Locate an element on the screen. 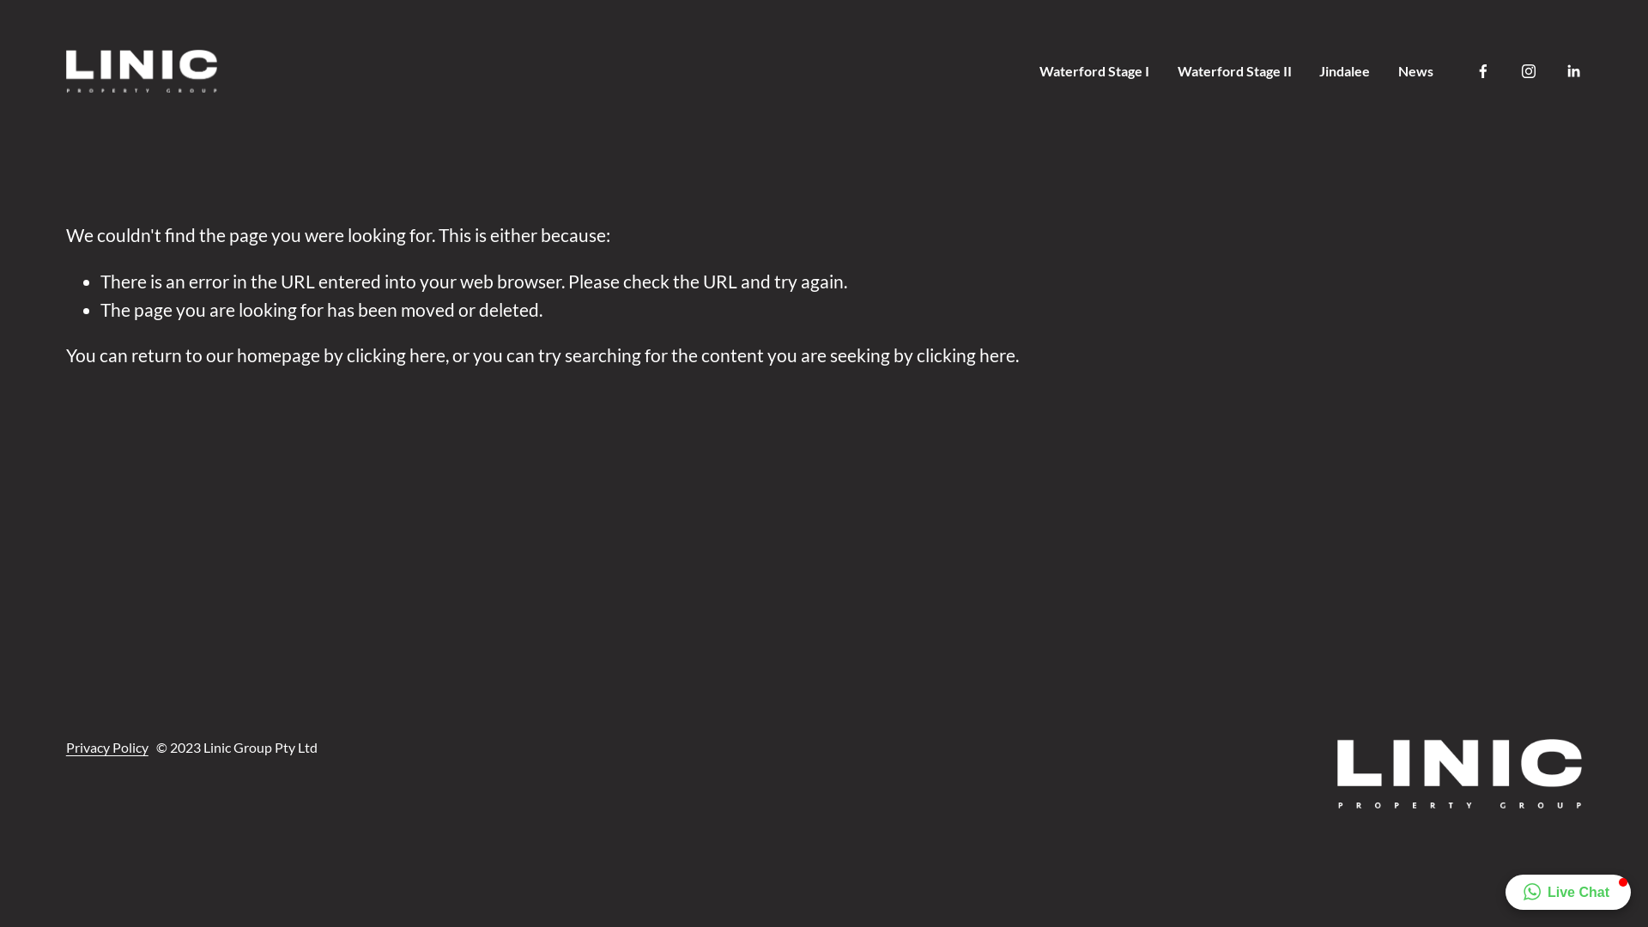  'News' is located at coordinates (1415, 70).